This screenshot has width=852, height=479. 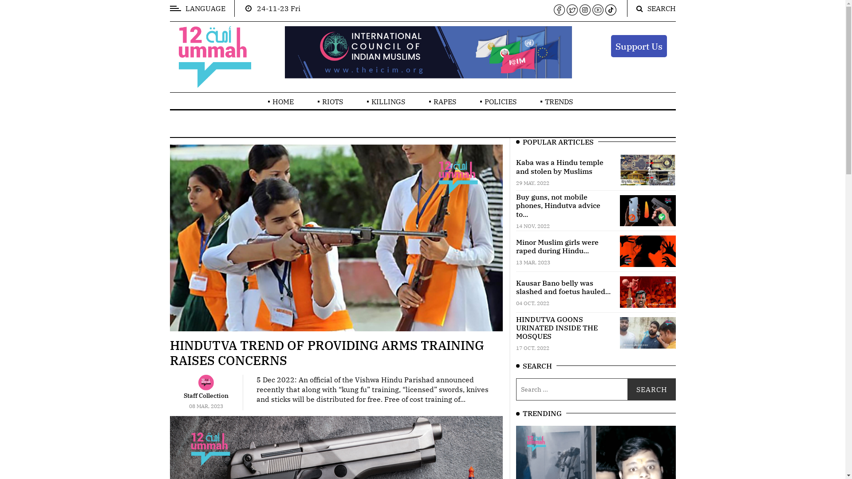 What do you see at coordinates (272, 101) in the screenshot?
I see `'HOME'` at bounding box center [272, 101].